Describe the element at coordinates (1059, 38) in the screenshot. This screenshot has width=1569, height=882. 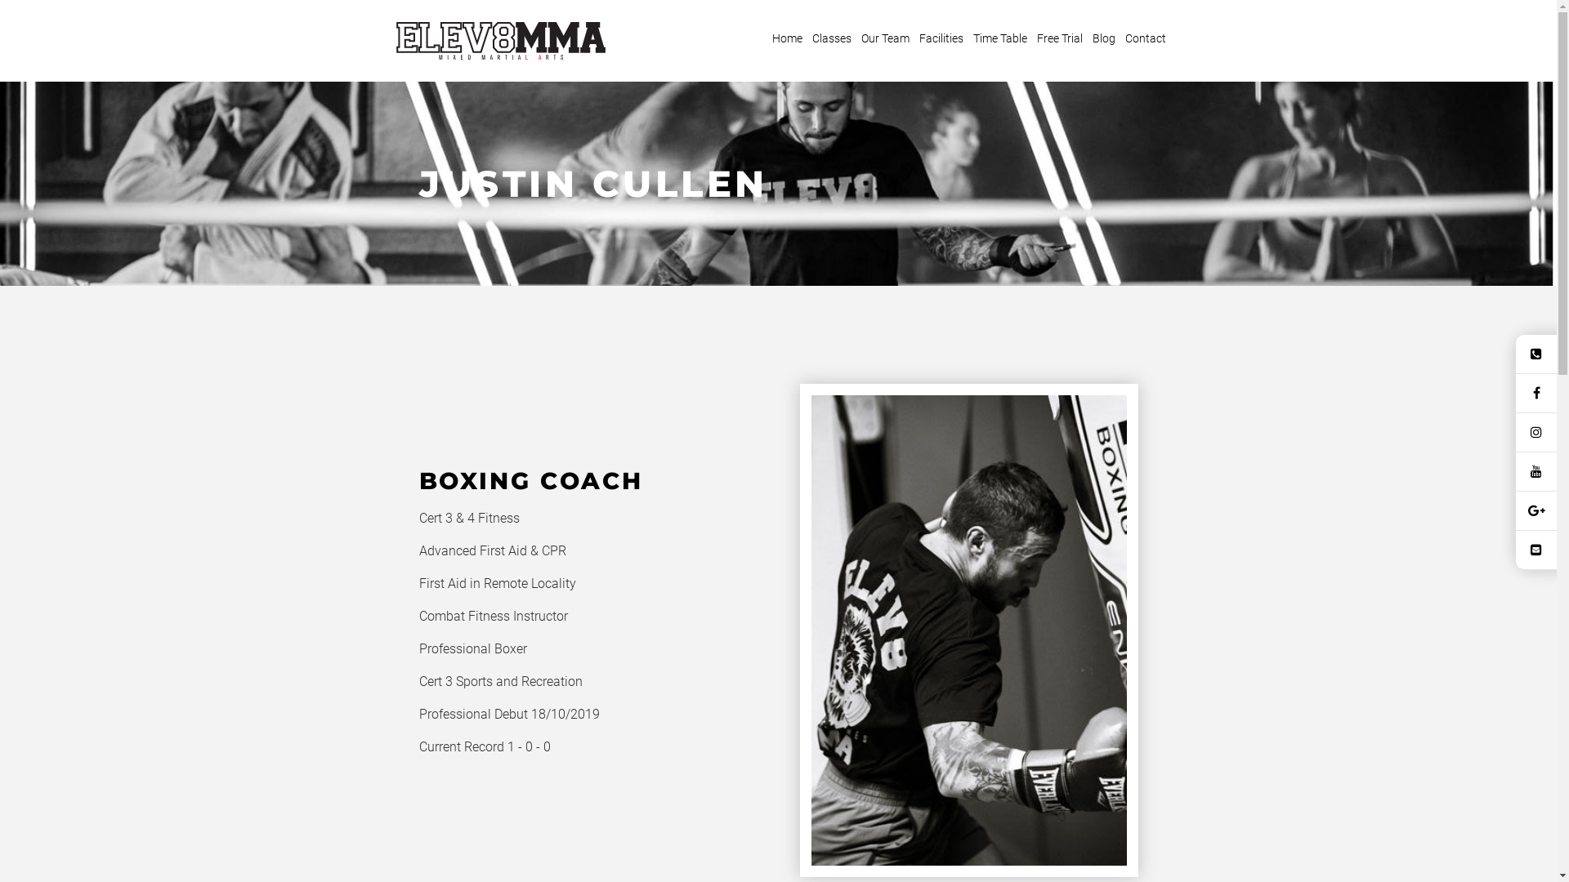
I see `'Free Trial'` at that location.